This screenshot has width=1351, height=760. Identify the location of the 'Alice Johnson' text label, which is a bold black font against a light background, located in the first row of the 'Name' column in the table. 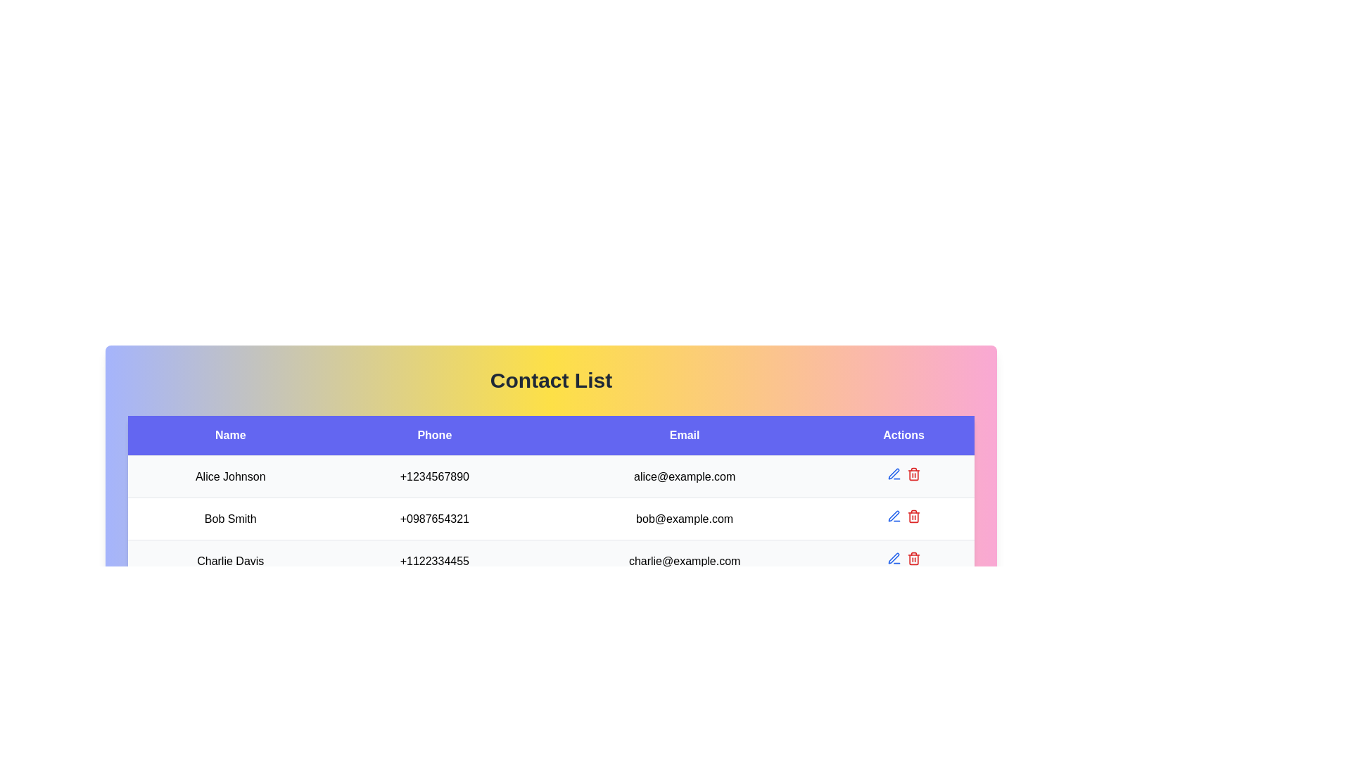
(230, 476).